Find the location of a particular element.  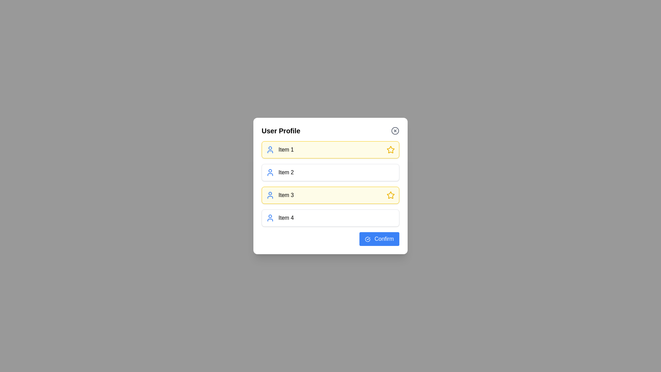

the second clickable card labeled 'Item 2' in the list is located at coordinates (330, 172).